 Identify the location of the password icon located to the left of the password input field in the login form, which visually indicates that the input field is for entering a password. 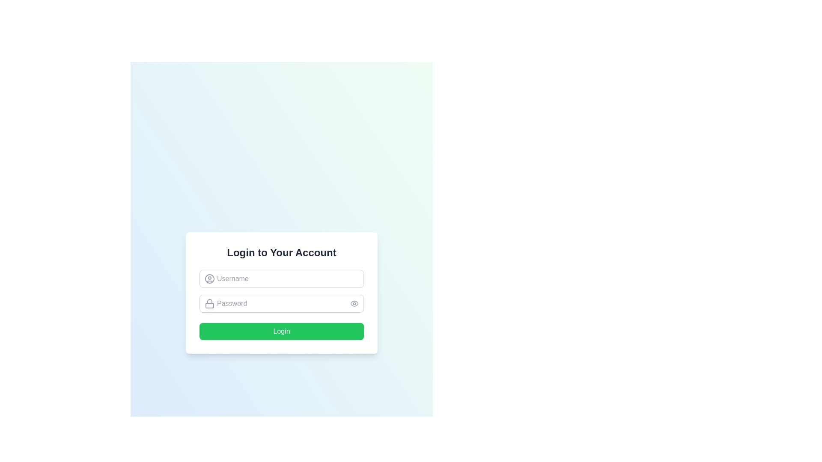
(209, 303).